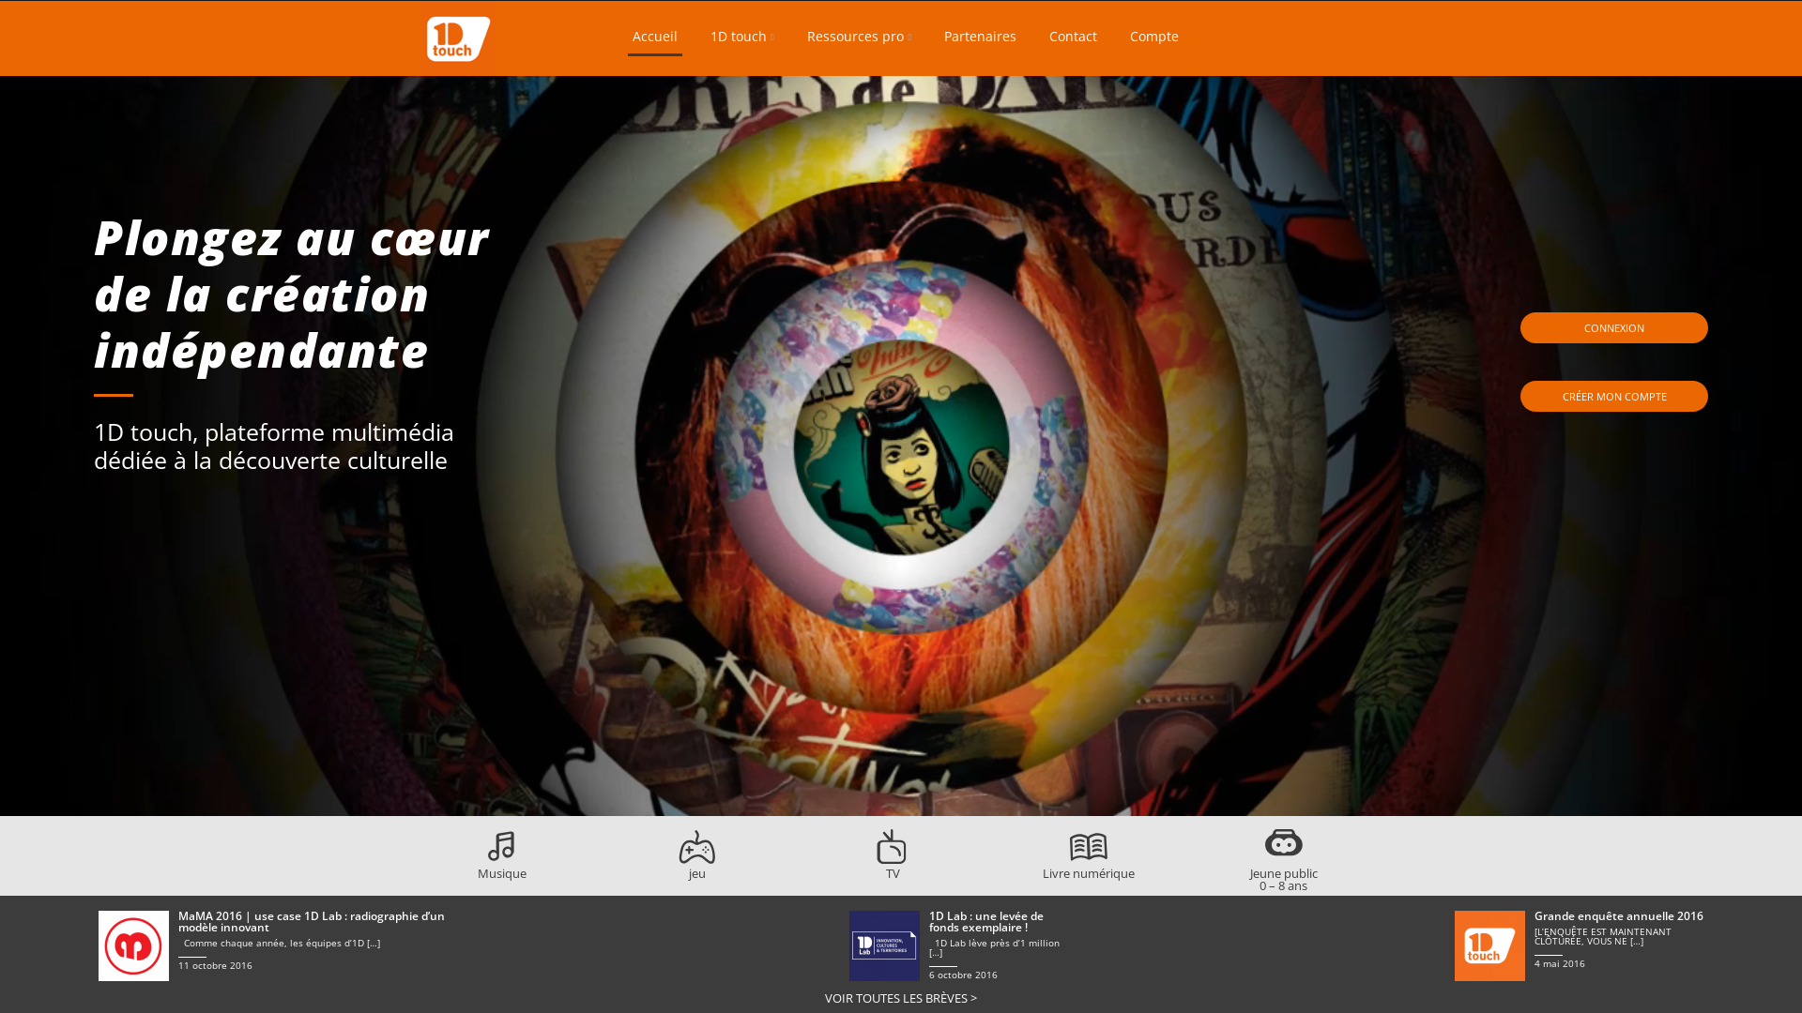  I want to click on 'Musique', so click(501, 867).